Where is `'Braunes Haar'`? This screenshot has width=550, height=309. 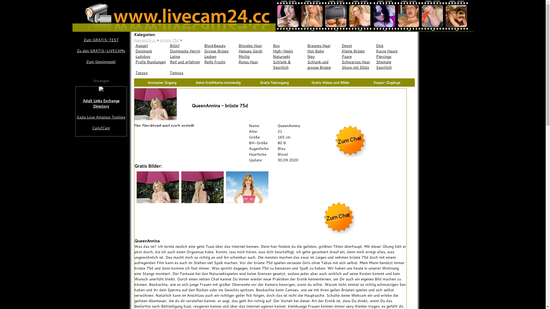
'Braunes Haar' is located at coordinates (323, 45).